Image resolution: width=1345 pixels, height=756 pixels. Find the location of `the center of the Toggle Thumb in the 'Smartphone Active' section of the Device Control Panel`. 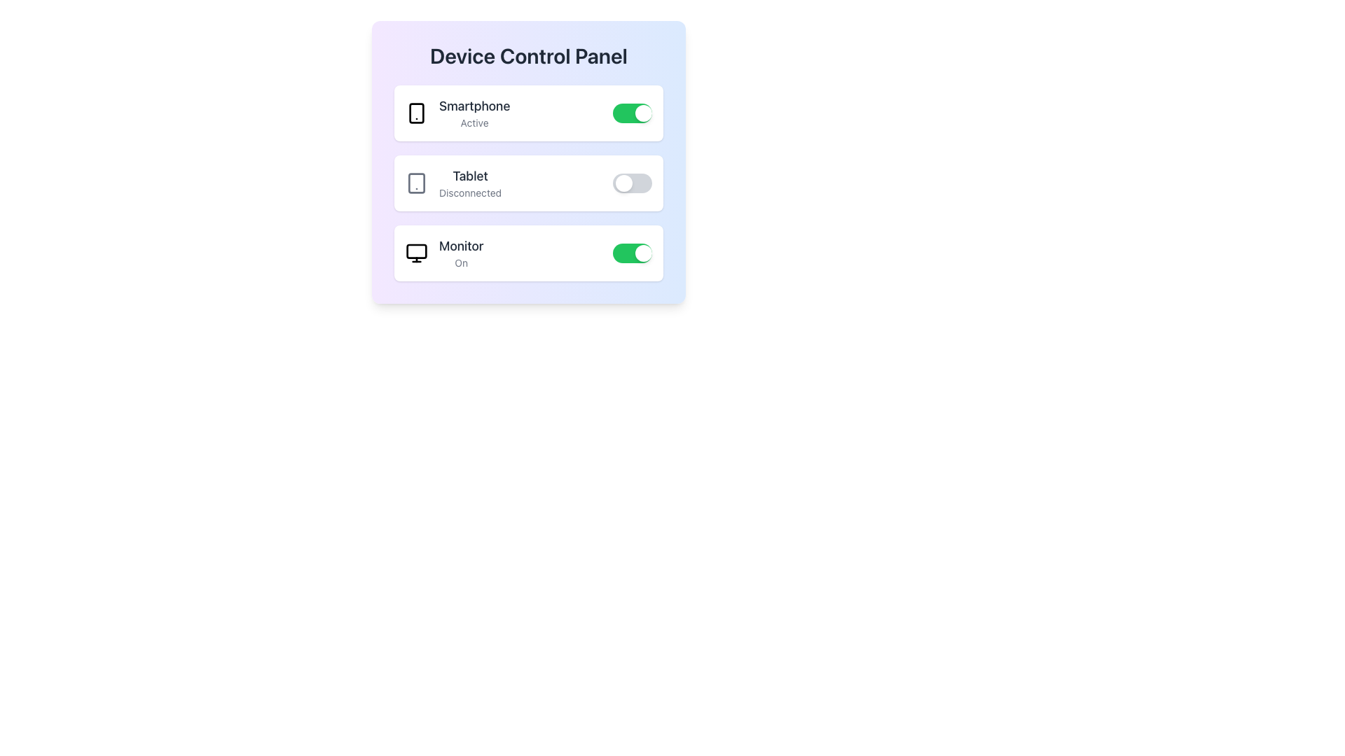

the center of the Toggle Thumb in the 'Smartphone Active' section of the Device Control Panel is located at coordinates (642, 113).